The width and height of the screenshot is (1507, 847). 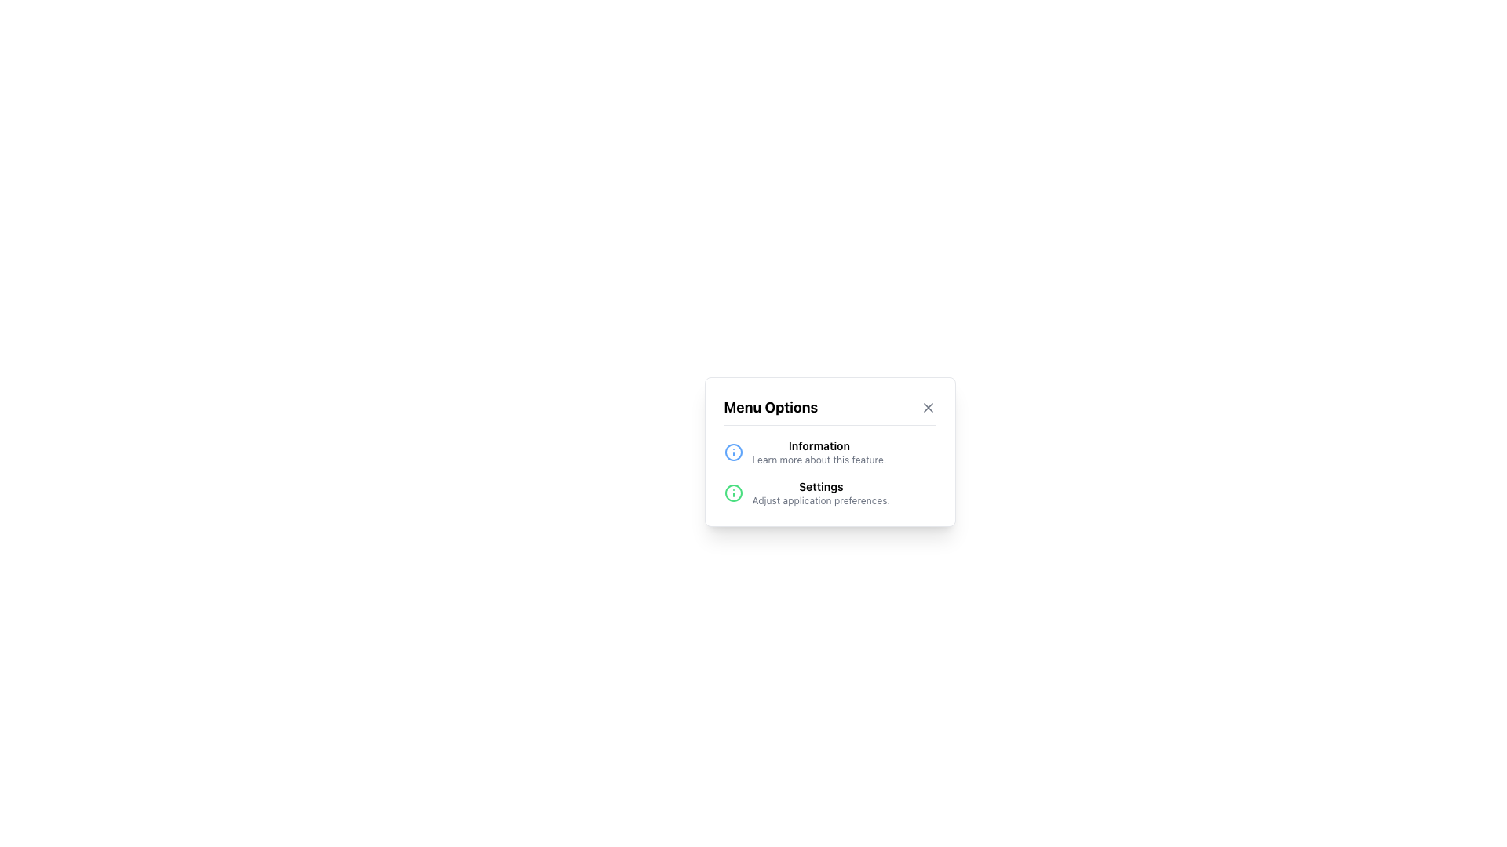 What do you see at coordinates (820, 500) in the screenshot?
I see `the descriptive label for the 'Settings' option located in the bottom-right region of the menu interface, directly below the 'Settings' heading` at bounding box center [820, 500].